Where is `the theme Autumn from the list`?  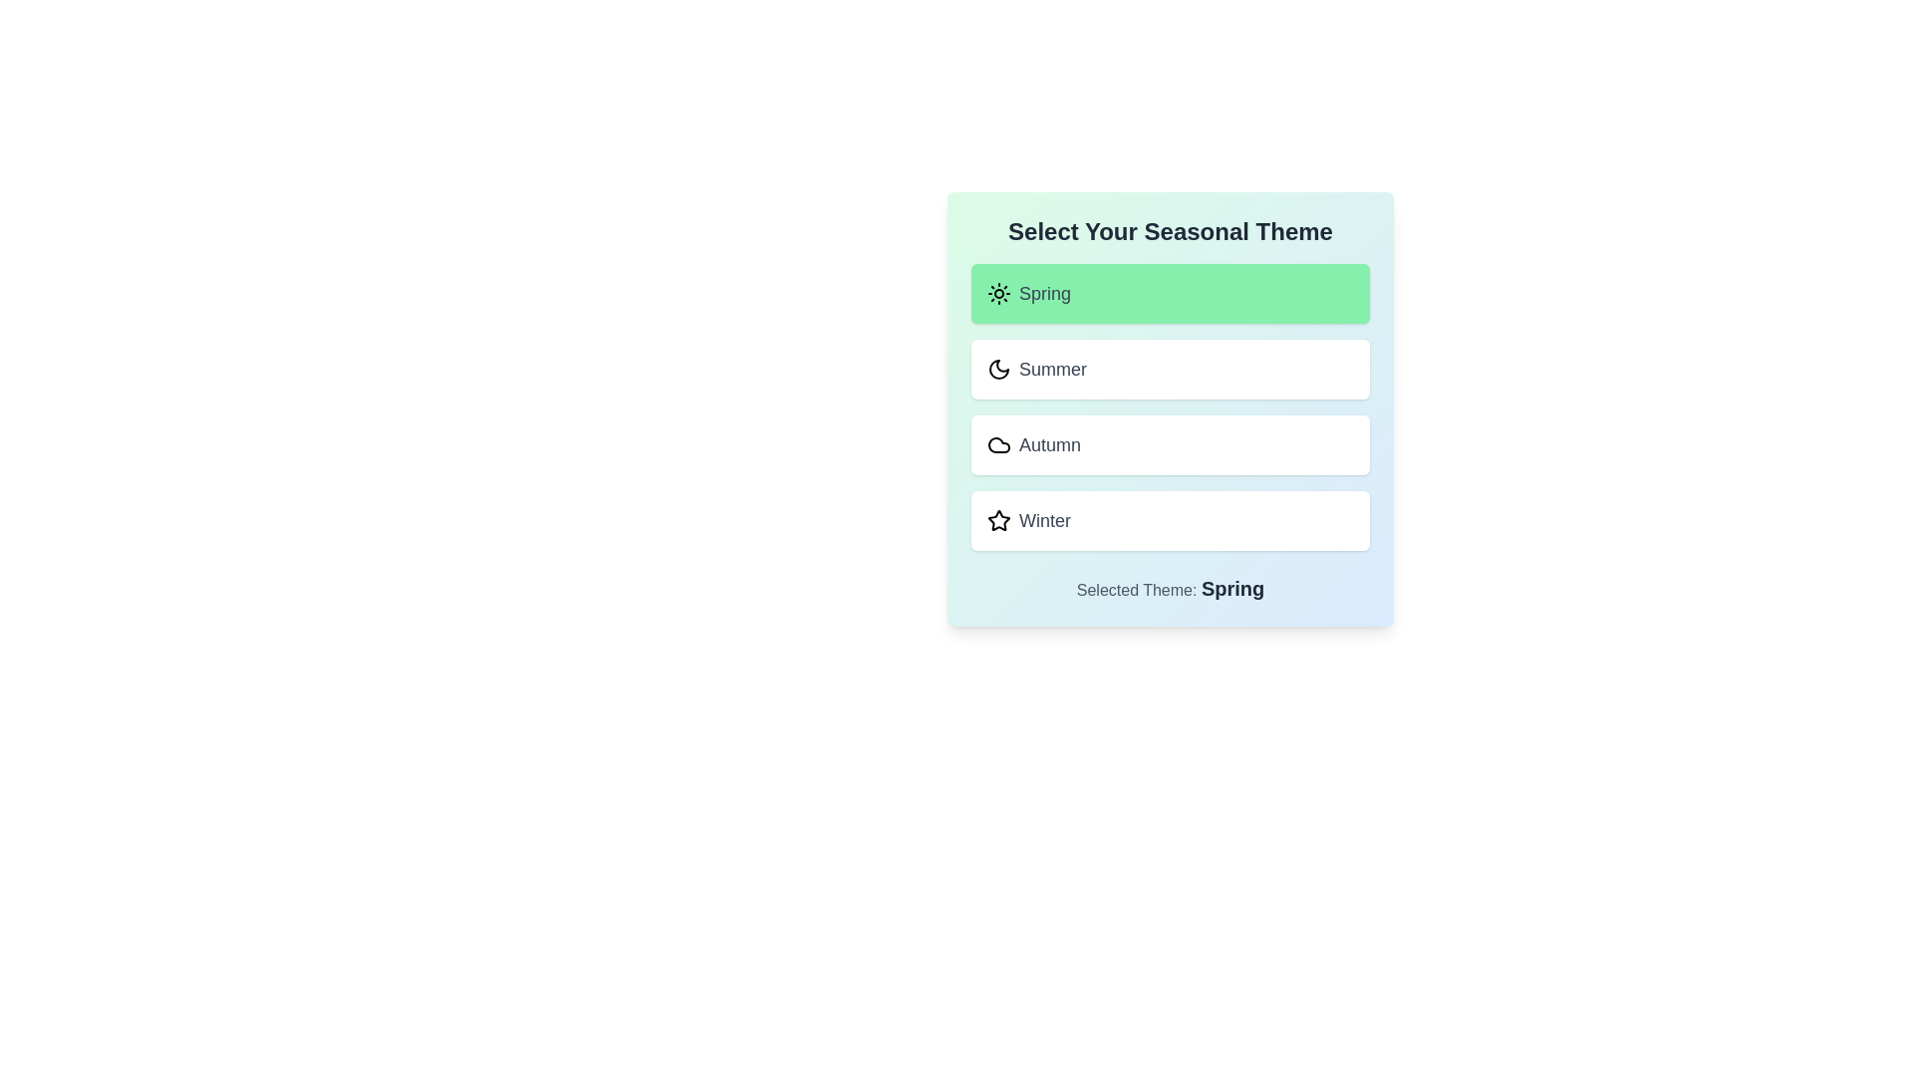 the theme Autumn from the list is located at coordinates (1171, 444).